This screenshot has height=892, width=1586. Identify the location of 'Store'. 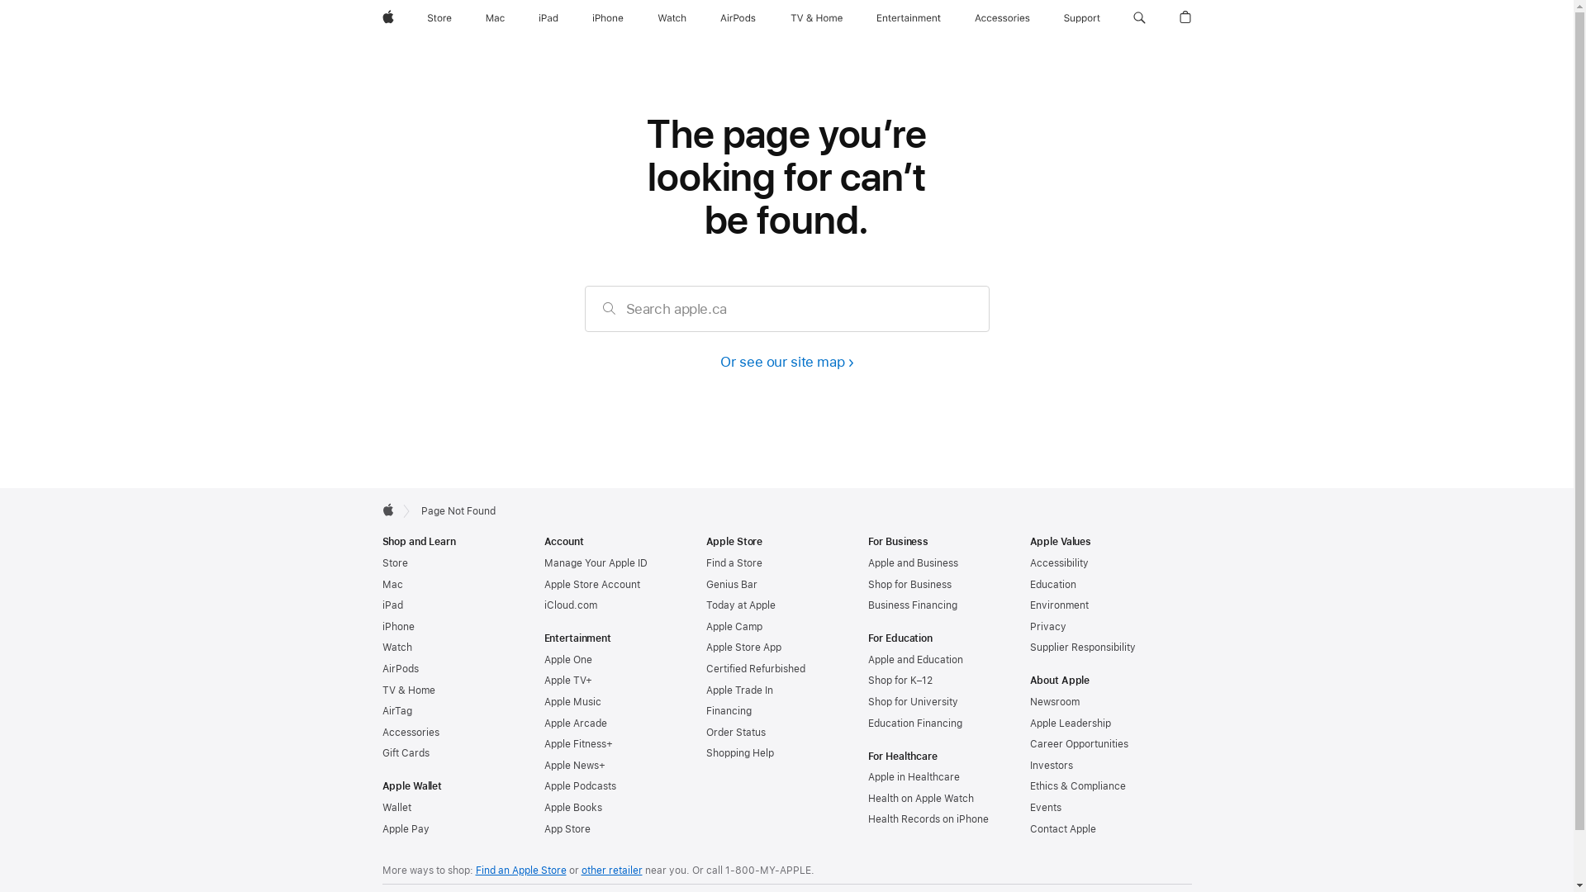
(380, 562).